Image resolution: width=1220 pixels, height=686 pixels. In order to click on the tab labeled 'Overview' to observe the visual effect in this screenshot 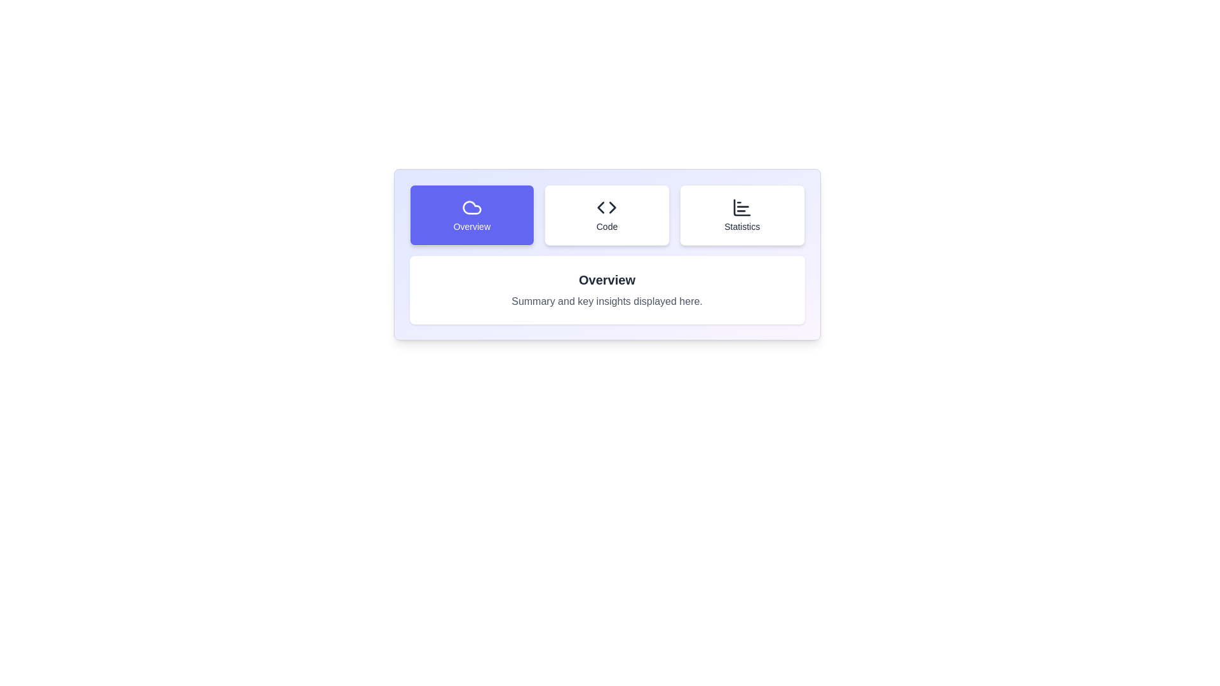, I will do `click(471, 215)`.